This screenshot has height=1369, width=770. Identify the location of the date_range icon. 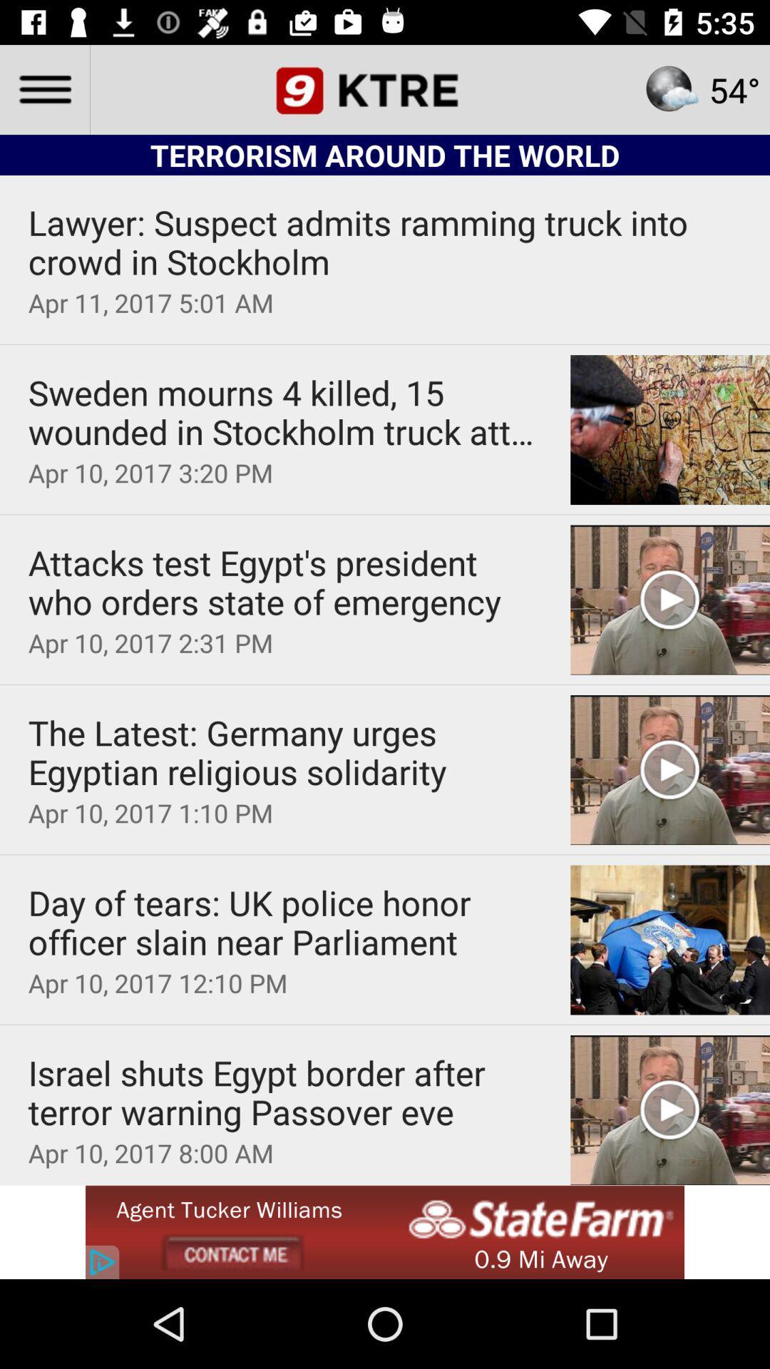
(385, 88).